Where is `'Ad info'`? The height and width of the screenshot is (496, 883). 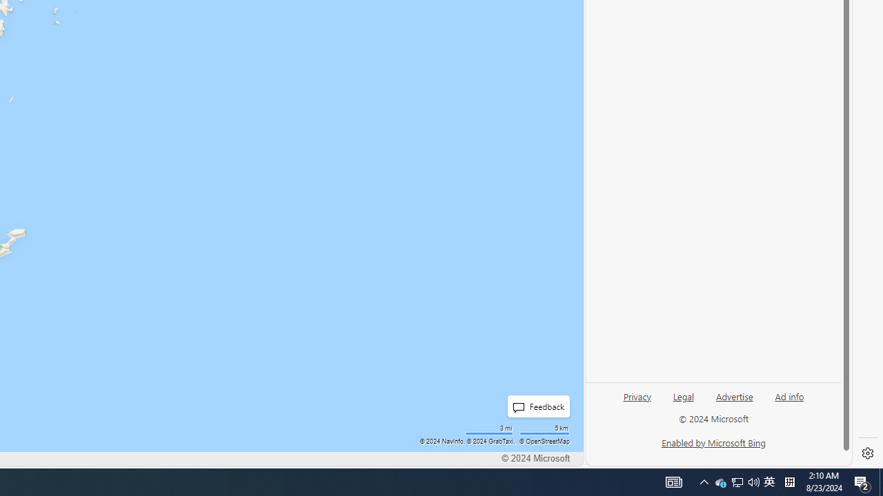
'Ad info' is located at coordinates (789, 402).